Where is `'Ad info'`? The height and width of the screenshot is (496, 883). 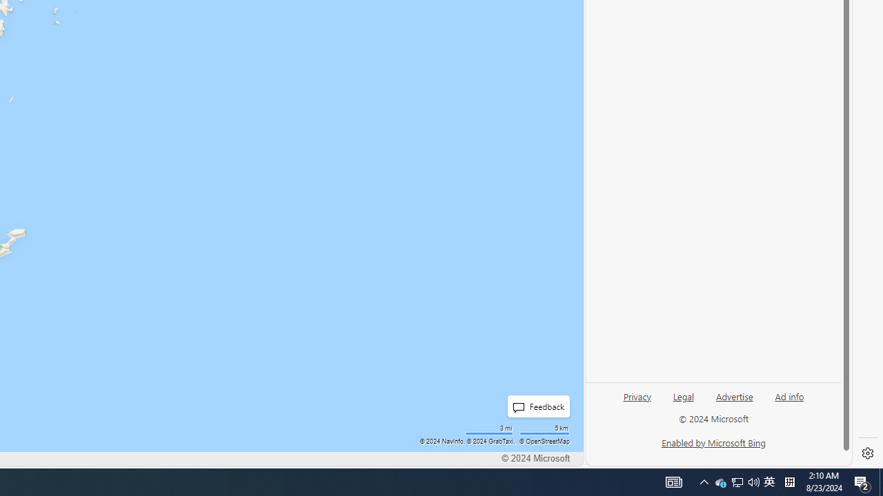
'Ad info' is located at coordinates (789, 402).